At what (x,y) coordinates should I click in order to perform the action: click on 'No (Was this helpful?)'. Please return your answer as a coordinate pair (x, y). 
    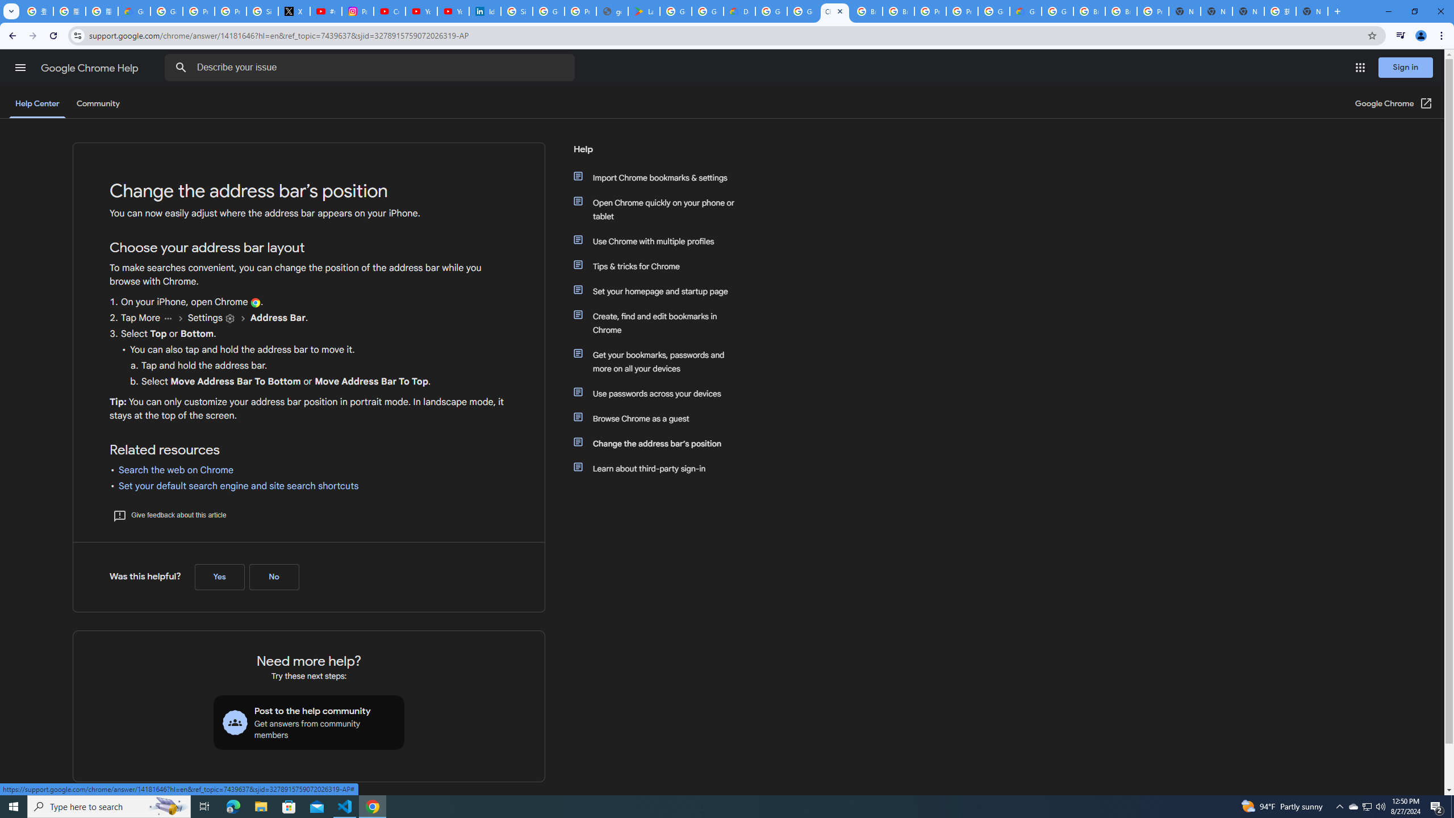
    Looking at the image, I should click on (273, 577).